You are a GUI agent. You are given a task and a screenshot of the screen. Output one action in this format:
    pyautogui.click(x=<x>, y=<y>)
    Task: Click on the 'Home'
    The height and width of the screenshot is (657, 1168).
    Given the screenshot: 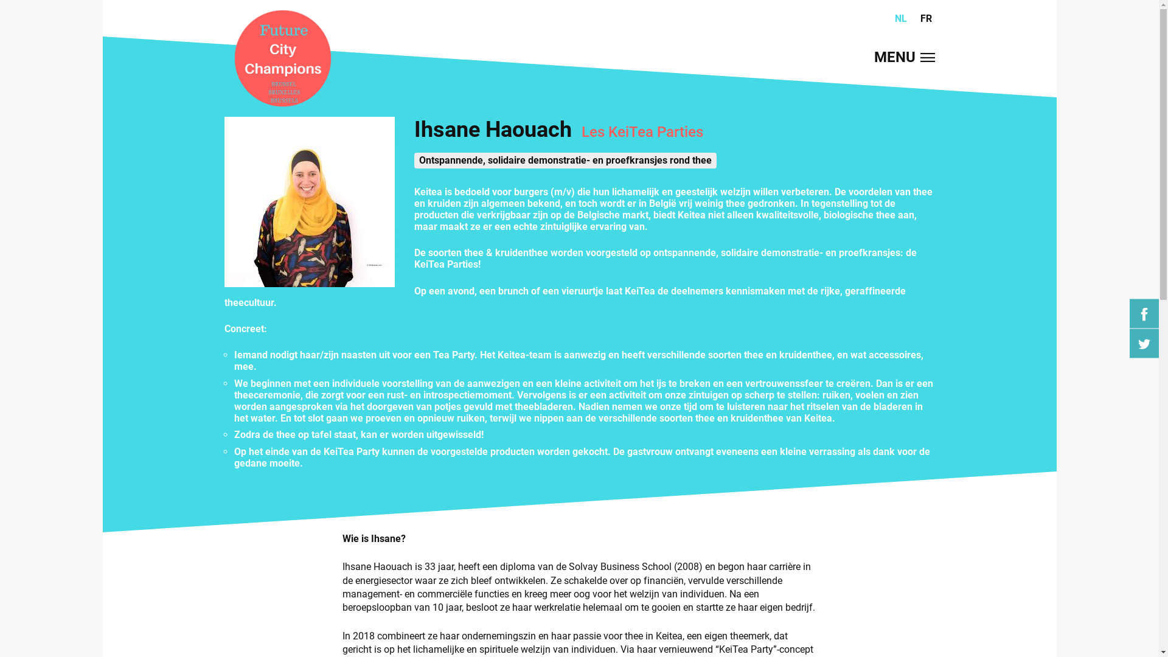 What is the action you would take?
    pyautogui.click(x=282, y=59)
    